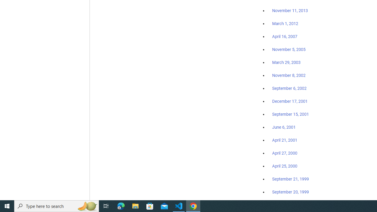  I want to click on 'November 11, 2013', so click(290, 11).